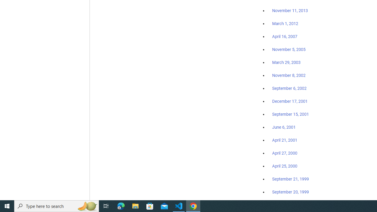  I want to click on 'November 11, 2013', so click(290, 11).